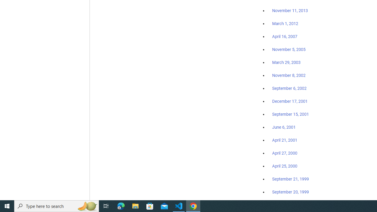  I want to click on 'November 11, 2013', so click(290, 11).